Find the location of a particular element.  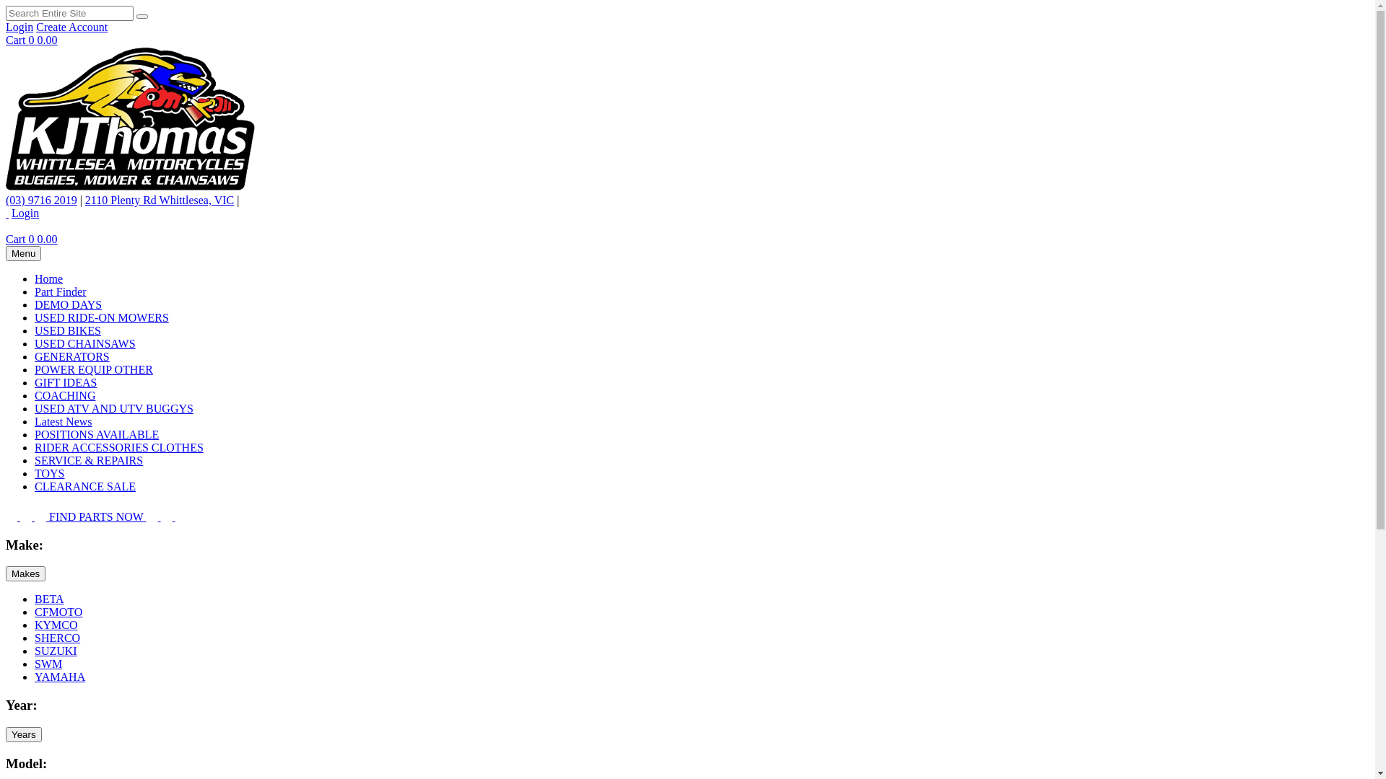

'Menu' is located at coordinates (23, 252).